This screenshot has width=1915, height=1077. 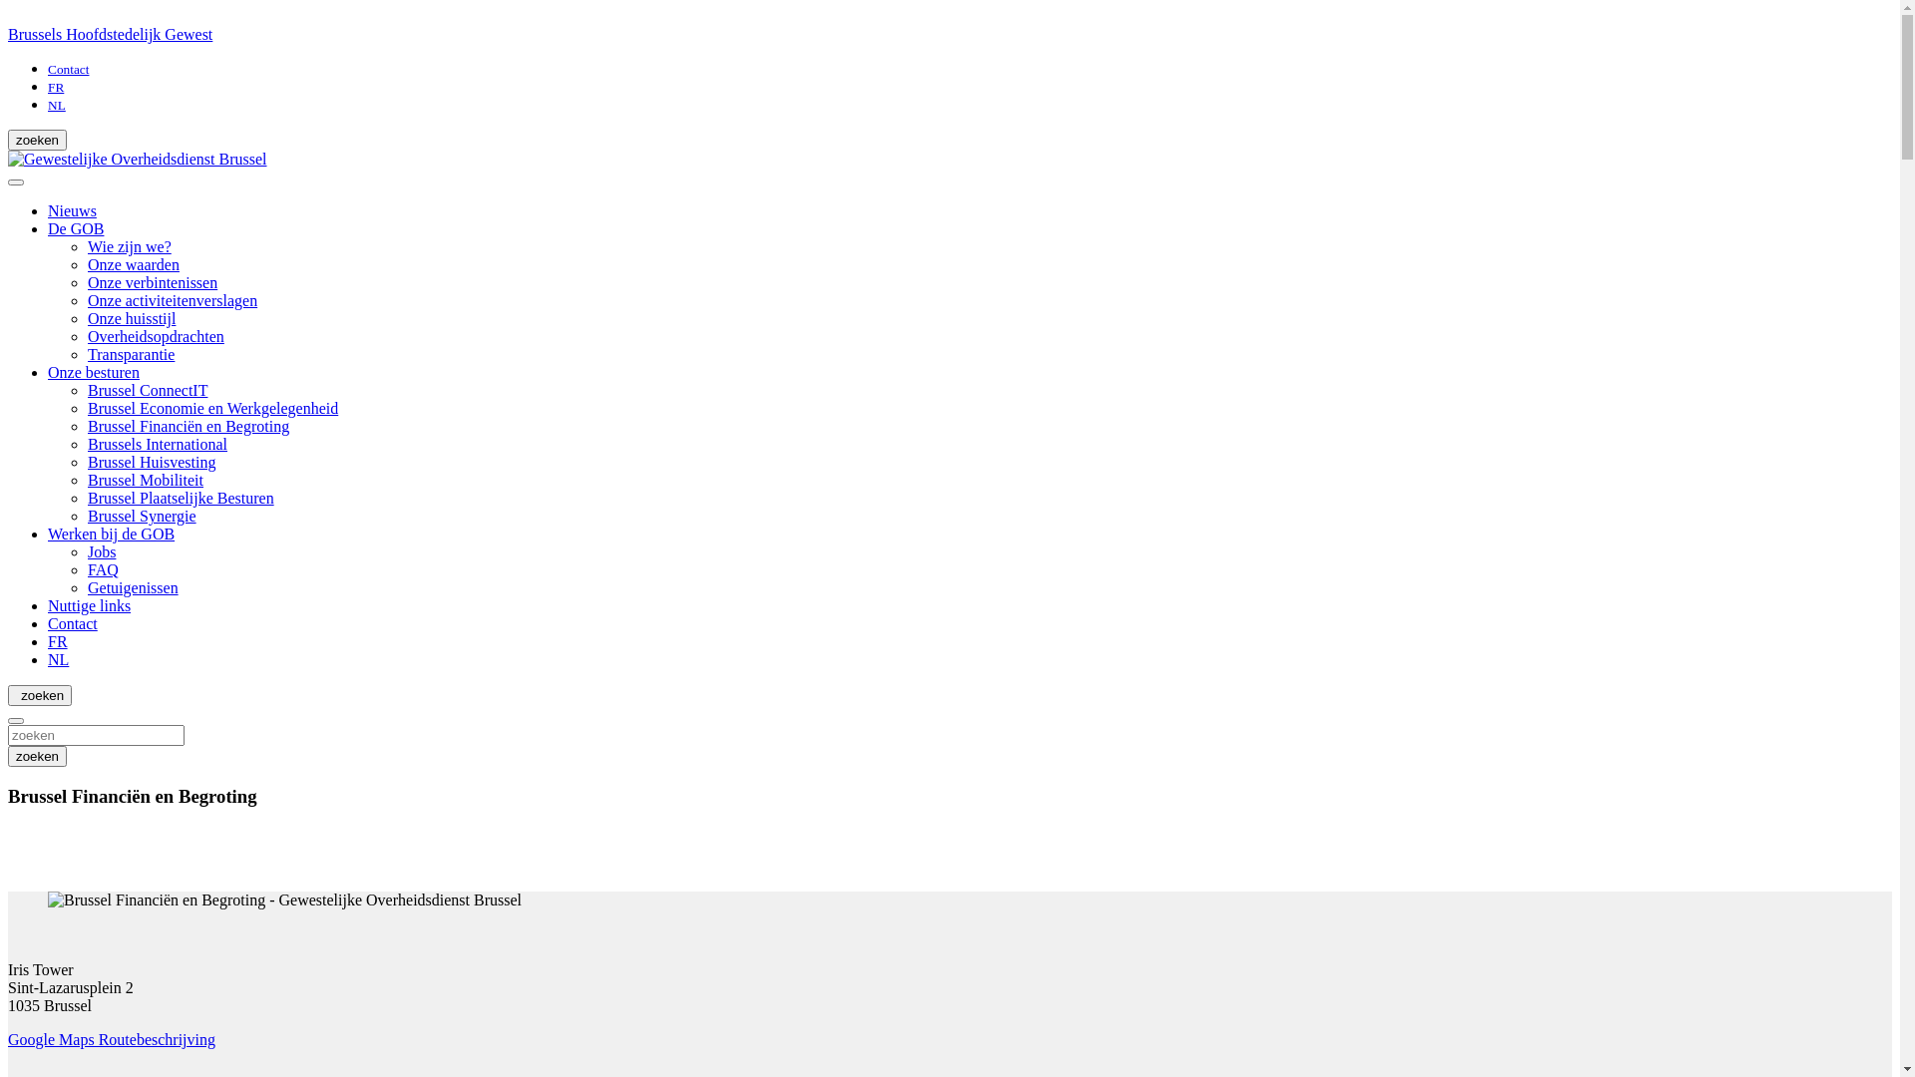 I want to click on 'Brussels International', so click(x=157, y=443).